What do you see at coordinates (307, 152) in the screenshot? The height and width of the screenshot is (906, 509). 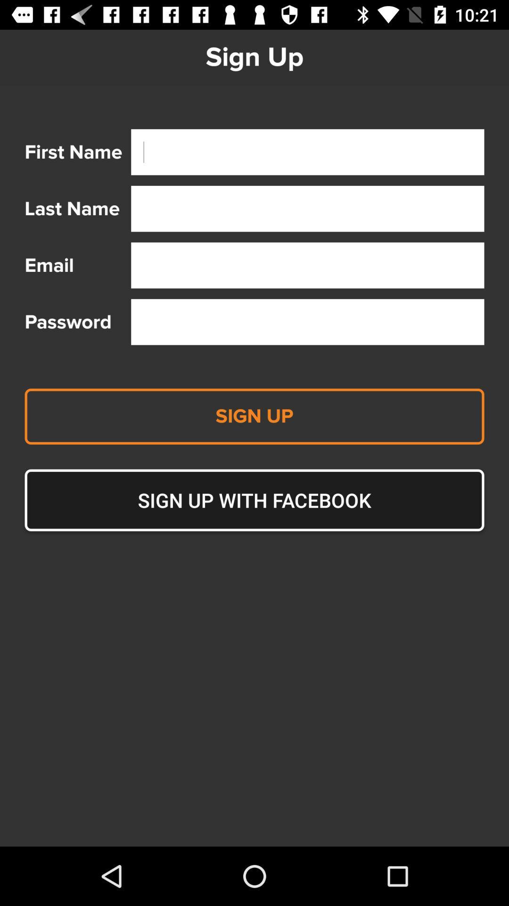 I see `text` at bounding box center [307, 152].